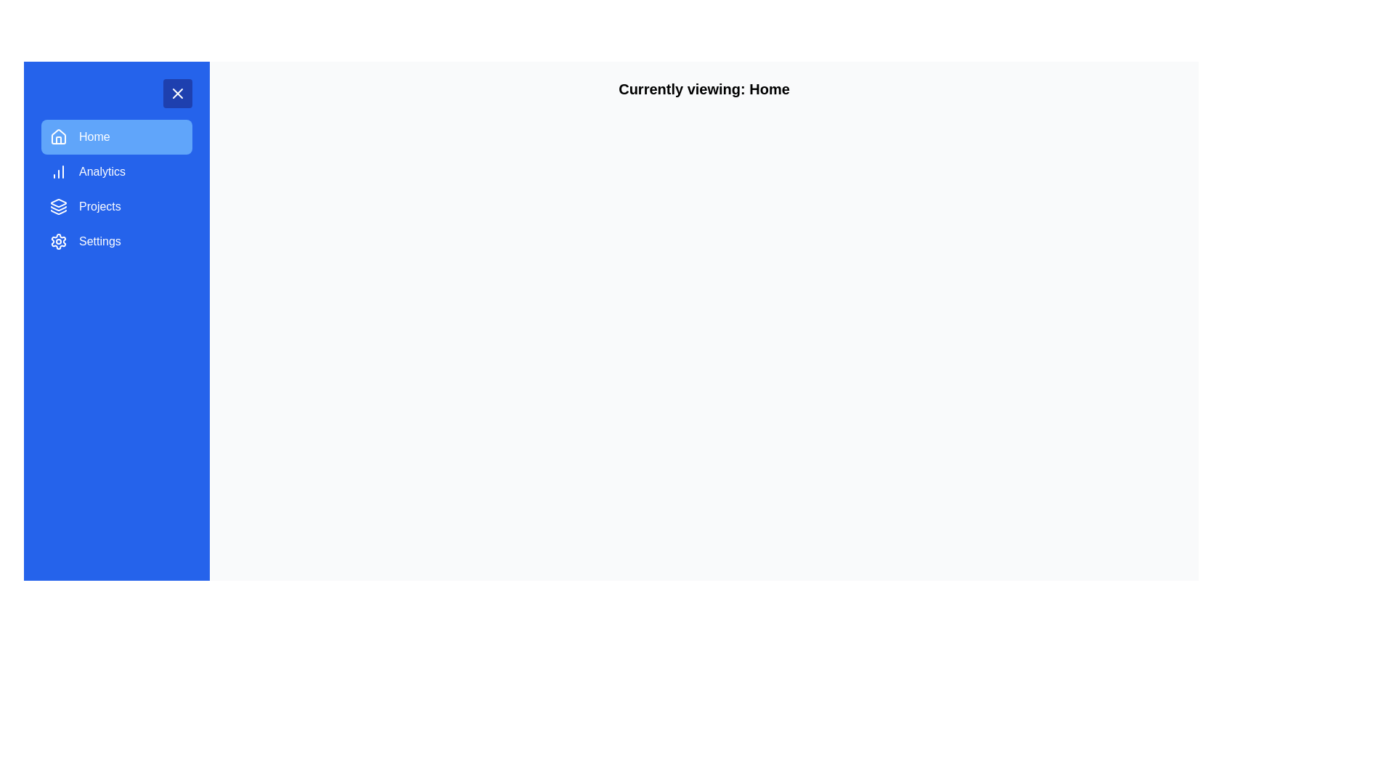 Image resolution: width=1394 pixels, height=784 pixels. Describe the element at coordinates (58, 240) in the screenshot. I see `the leftmost 'Settings' icon in the navigation menu` at that location.